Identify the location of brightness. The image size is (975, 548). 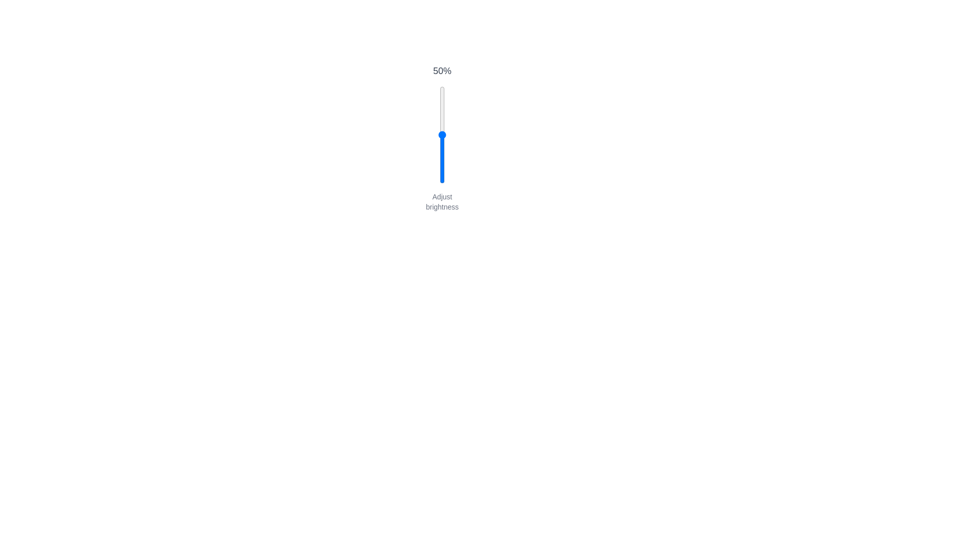
(442, 170).